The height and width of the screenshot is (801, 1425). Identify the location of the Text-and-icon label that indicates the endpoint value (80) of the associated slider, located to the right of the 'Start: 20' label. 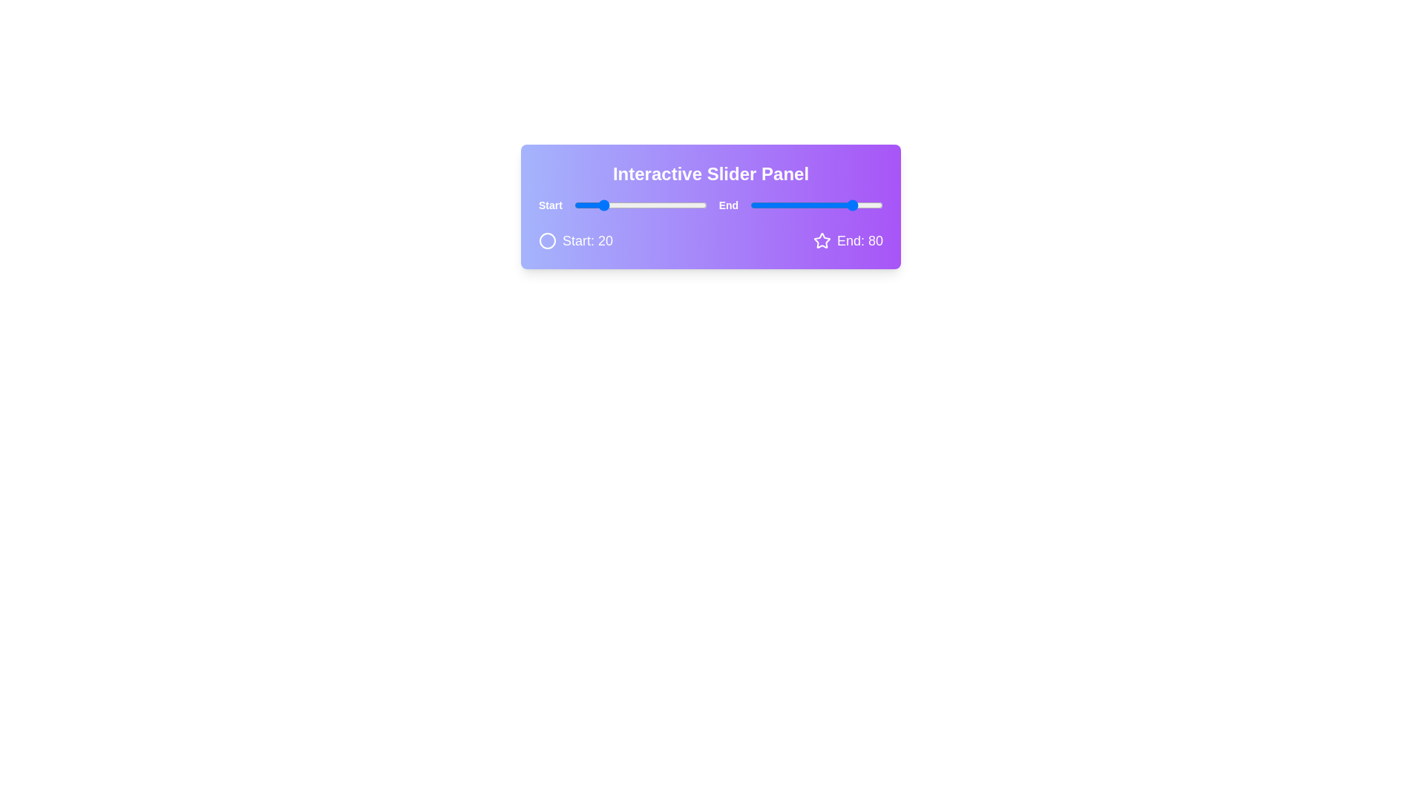
(848, 240).